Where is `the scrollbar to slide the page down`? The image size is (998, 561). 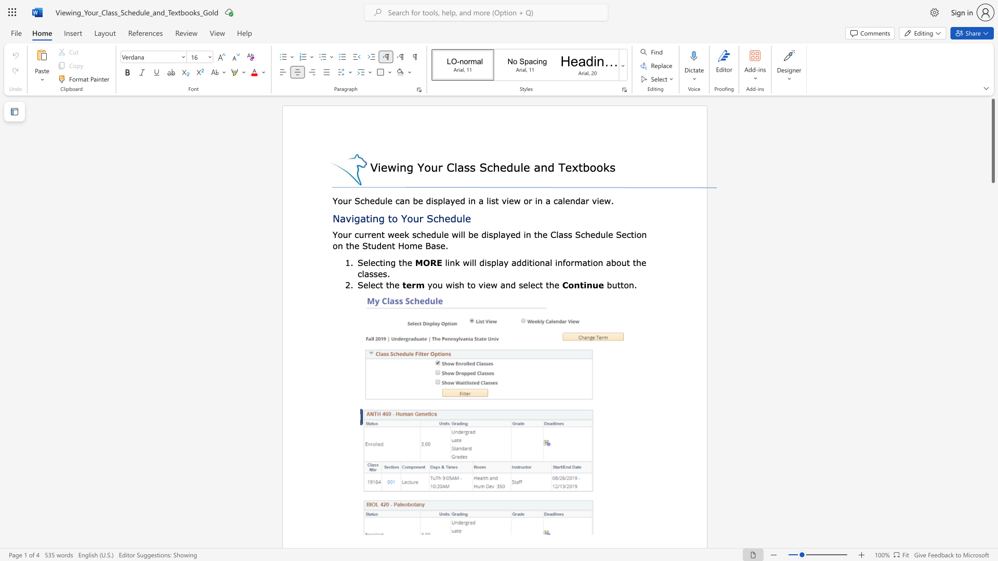 the scrollbar to slide the page down is located at coordinates (992, 208).